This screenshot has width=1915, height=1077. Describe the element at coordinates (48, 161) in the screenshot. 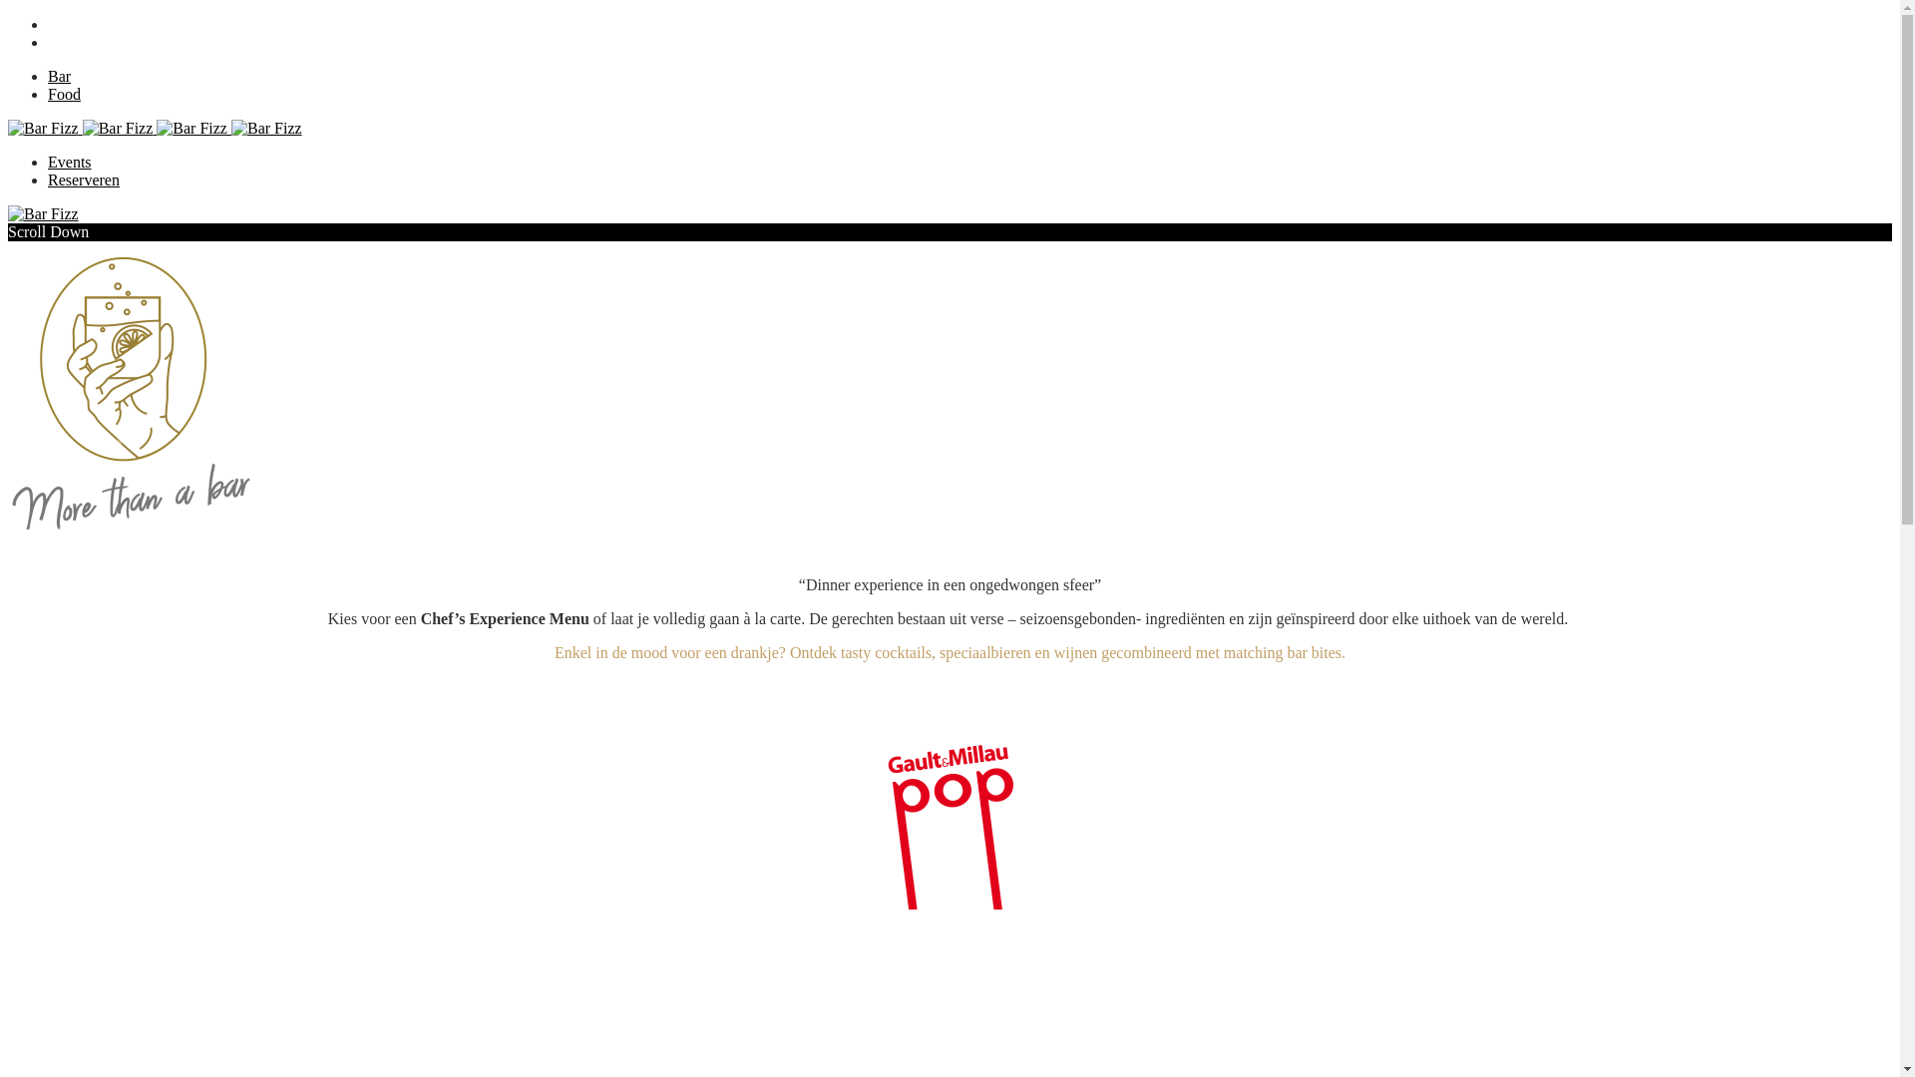

I see `'Events'` at that location.